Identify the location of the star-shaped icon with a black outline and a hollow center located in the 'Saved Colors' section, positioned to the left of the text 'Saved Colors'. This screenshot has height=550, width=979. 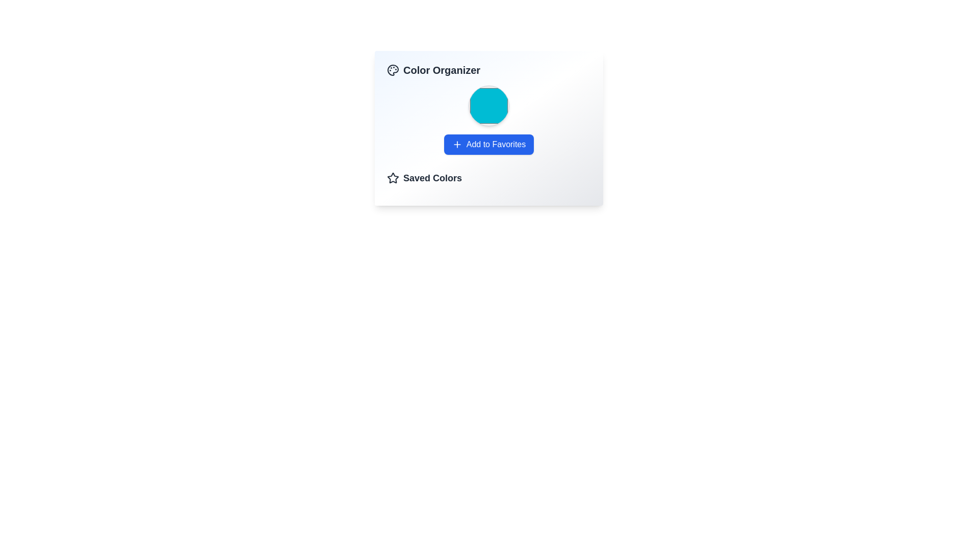
(393, 178).